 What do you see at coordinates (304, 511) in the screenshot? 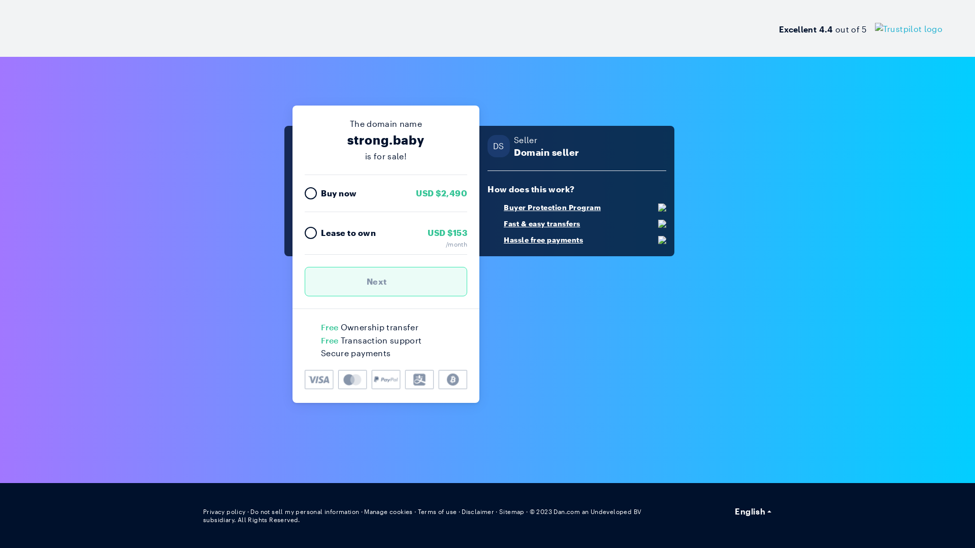
I see `'Do not sell my personal information'` at bounding box center [304, 511].